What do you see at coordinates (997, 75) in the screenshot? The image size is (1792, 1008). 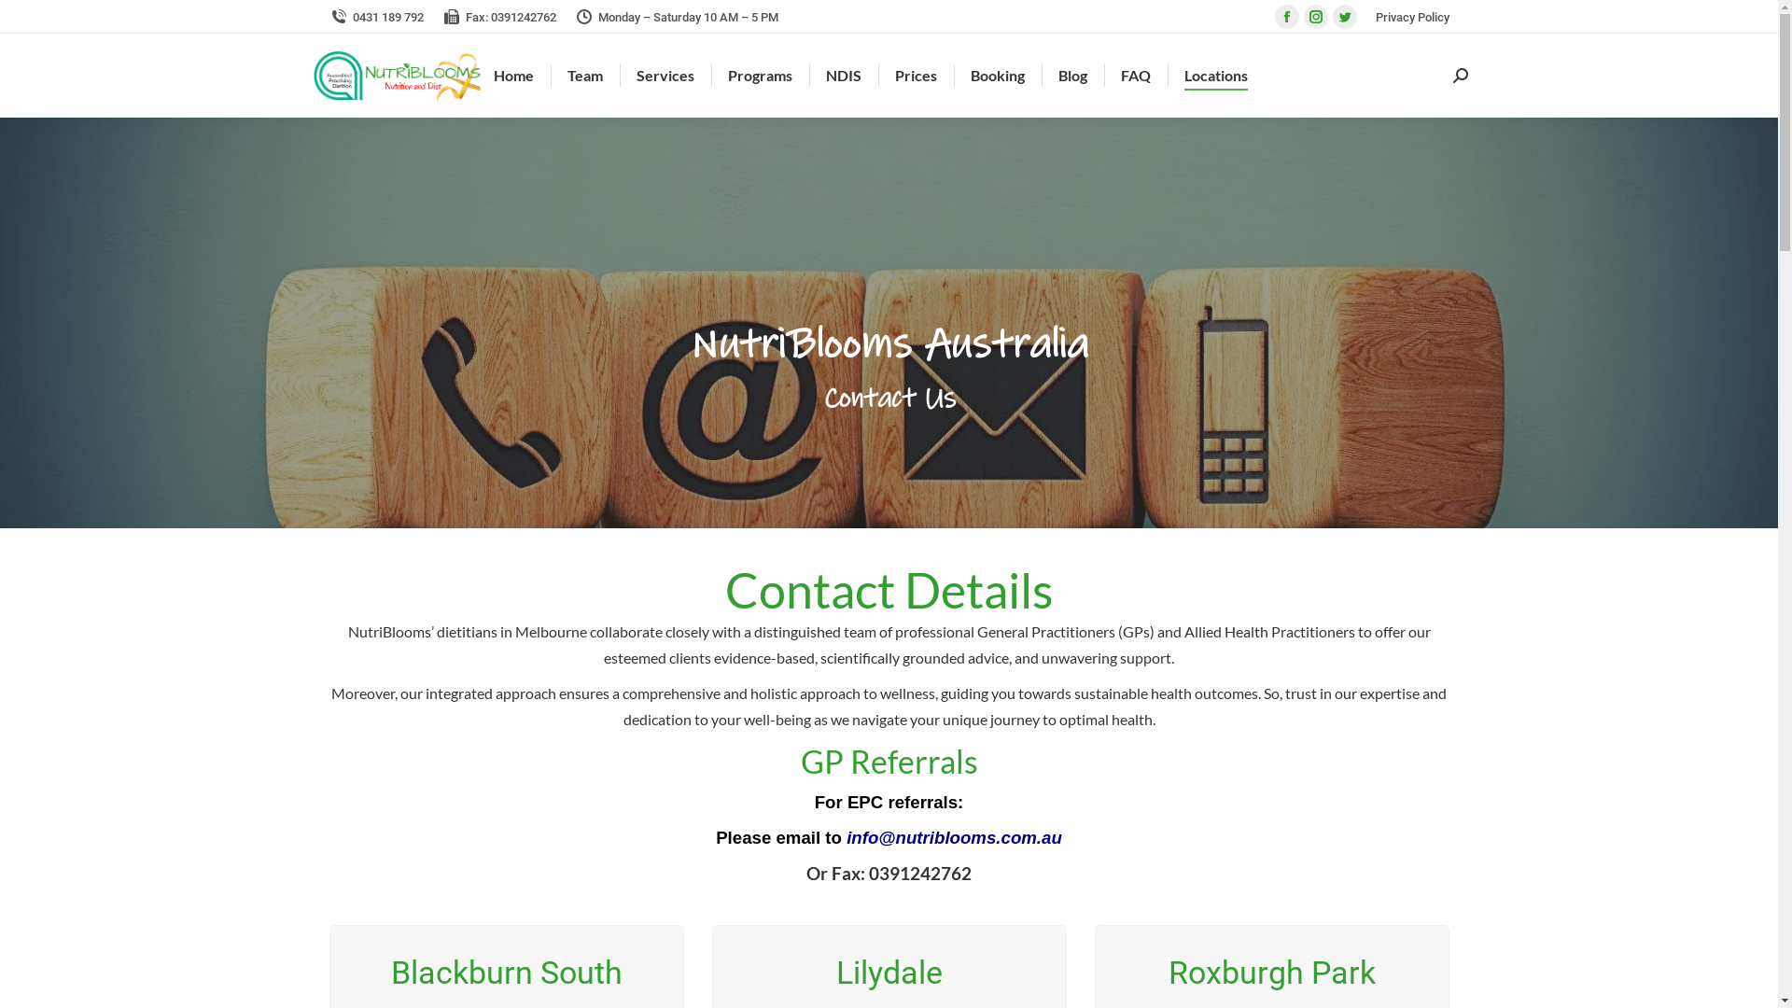 I see `'Booking'` at bounding box center [997, 75].